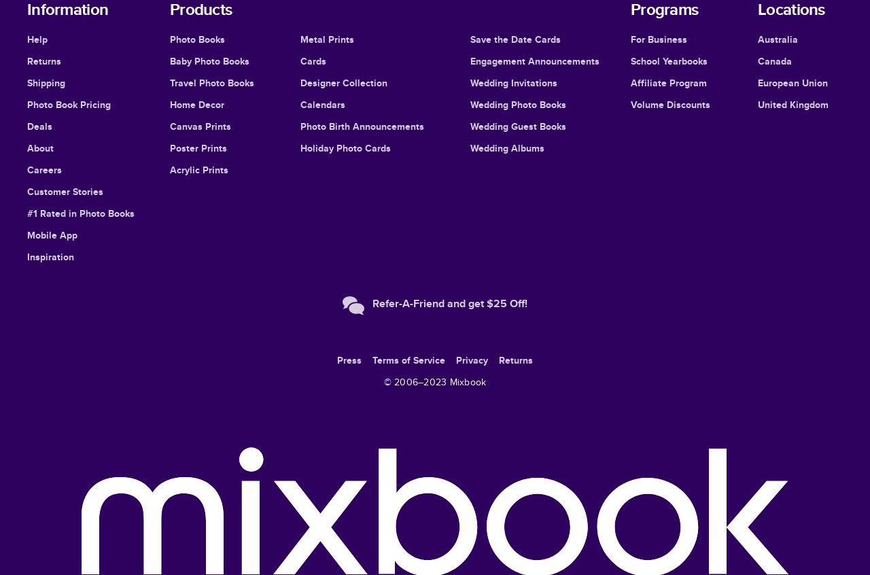 This screenshot has width=870, height=575. I want to click on 'Photo Birth Announcements', so click(362, 126).